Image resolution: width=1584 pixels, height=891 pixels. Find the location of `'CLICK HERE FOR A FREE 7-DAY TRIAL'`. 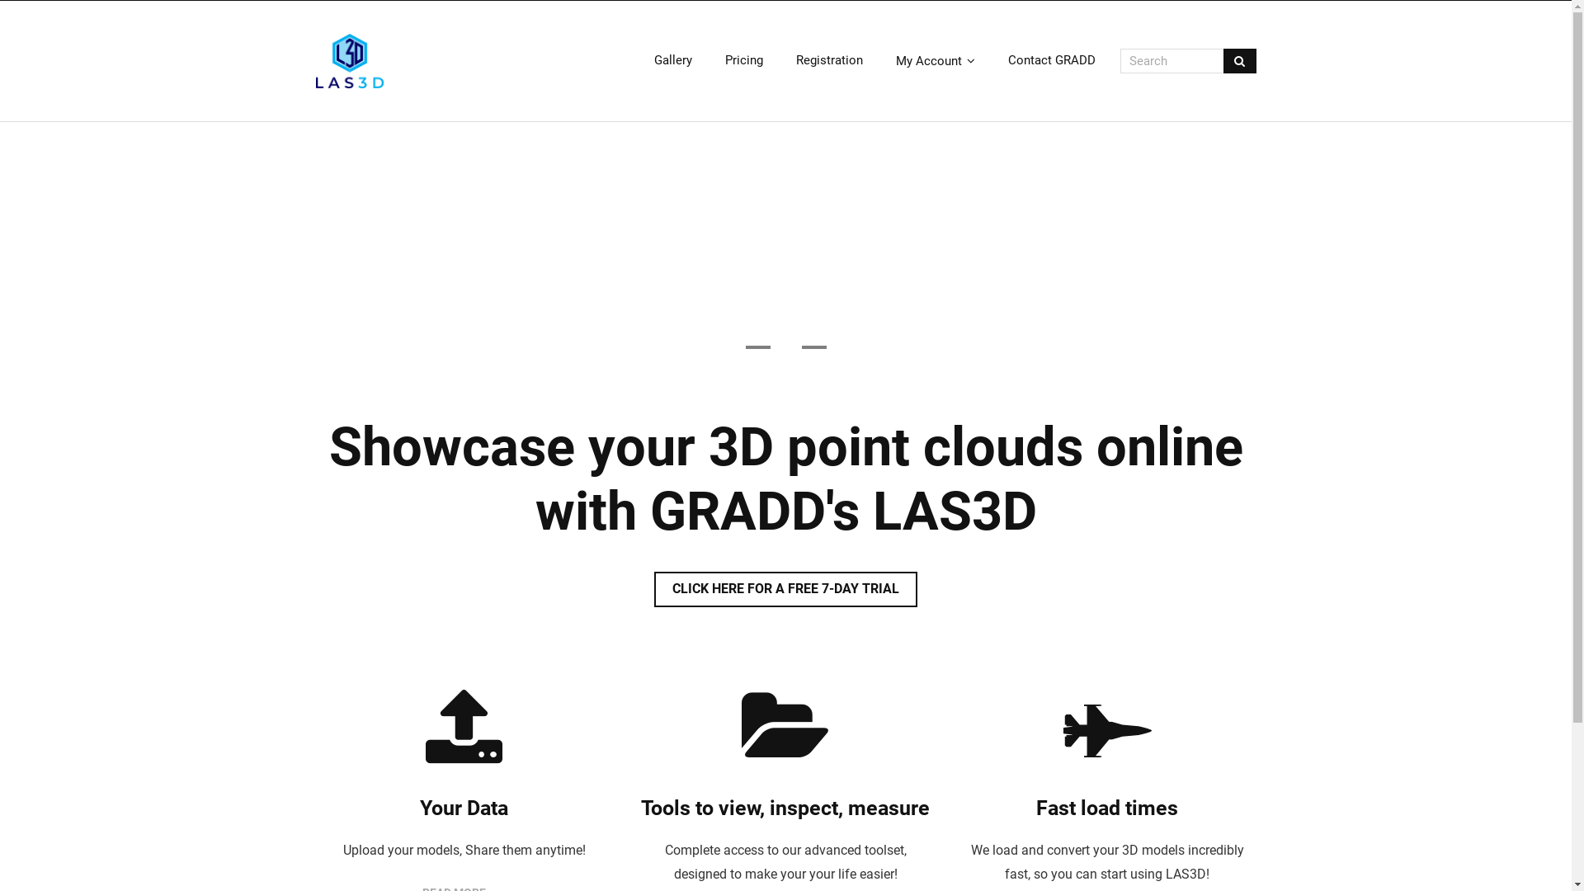

'CLICK HERE FOR A FREE 7-DAY TRIAL' is located at coordinates (785, 588).